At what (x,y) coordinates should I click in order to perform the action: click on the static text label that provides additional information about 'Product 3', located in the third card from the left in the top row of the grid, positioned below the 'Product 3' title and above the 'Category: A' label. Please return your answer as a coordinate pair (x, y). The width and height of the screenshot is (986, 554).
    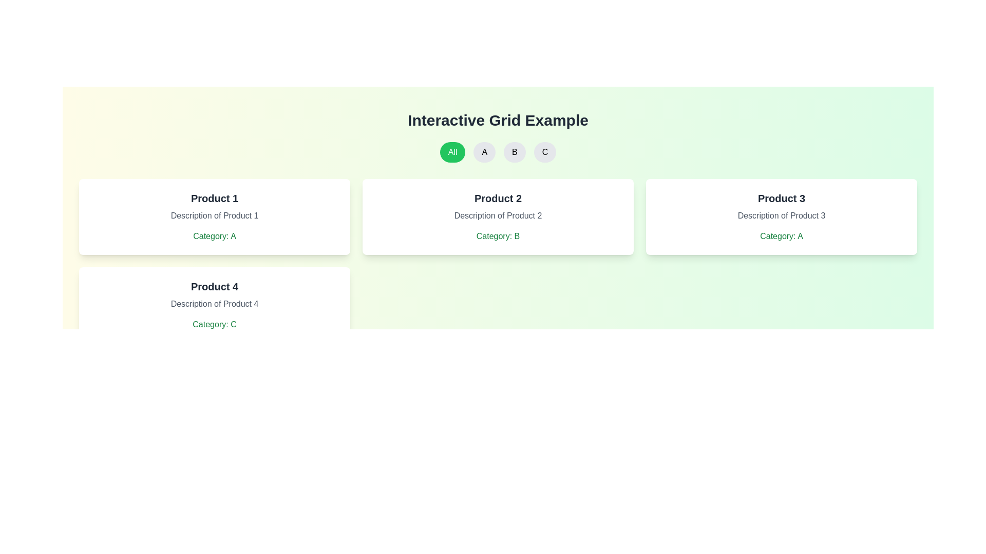
    Looking at the image, I should click on (781, 215).